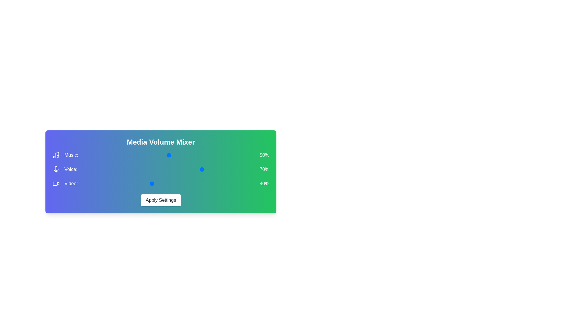 This screenshot has height=320, width=570. I want to click on the icon next to the Music label, so click(56, 155).